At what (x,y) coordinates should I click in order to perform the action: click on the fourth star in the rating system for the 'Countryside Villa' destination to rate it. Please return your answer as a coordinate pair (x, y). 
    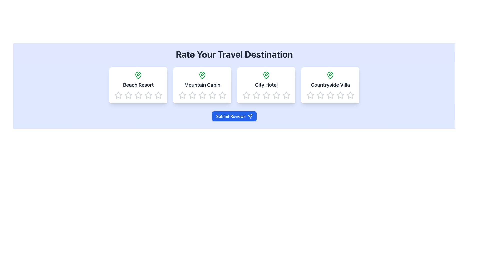
    Looking at the image, I should click on (340, 95).